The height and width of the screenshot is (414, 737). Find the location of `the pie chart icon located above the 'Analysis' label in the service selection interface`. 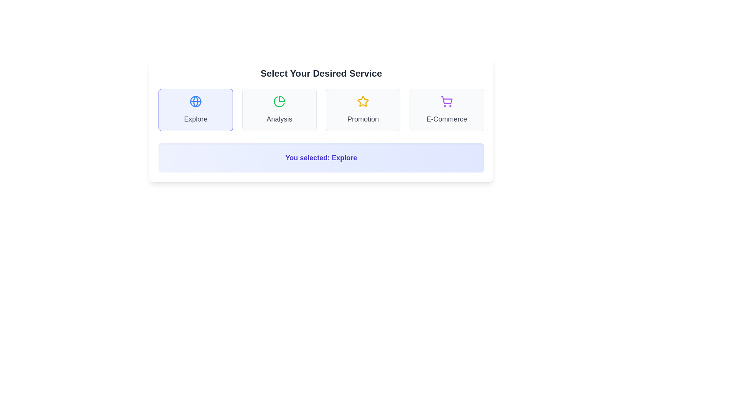

the pie chart icon located above the 'Analysis' label in the service selection interface is located at coordinates (279, 101).